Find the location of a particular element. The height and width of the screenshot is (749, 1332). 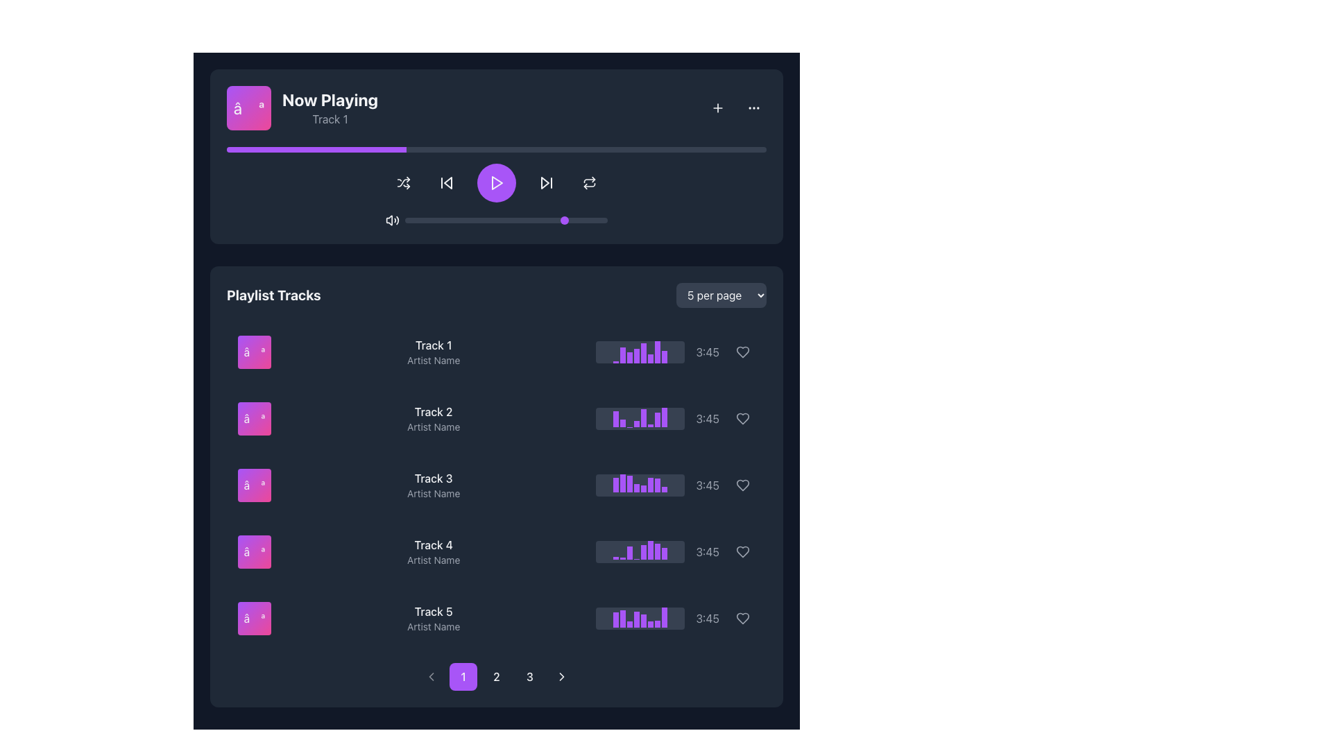

the musical note icon, which is a square element with a gradient background transitioning from purple to pink, featuring rounded corners and located to the left of 'Track 3' and artist name details is located at coordinates (254, 484).